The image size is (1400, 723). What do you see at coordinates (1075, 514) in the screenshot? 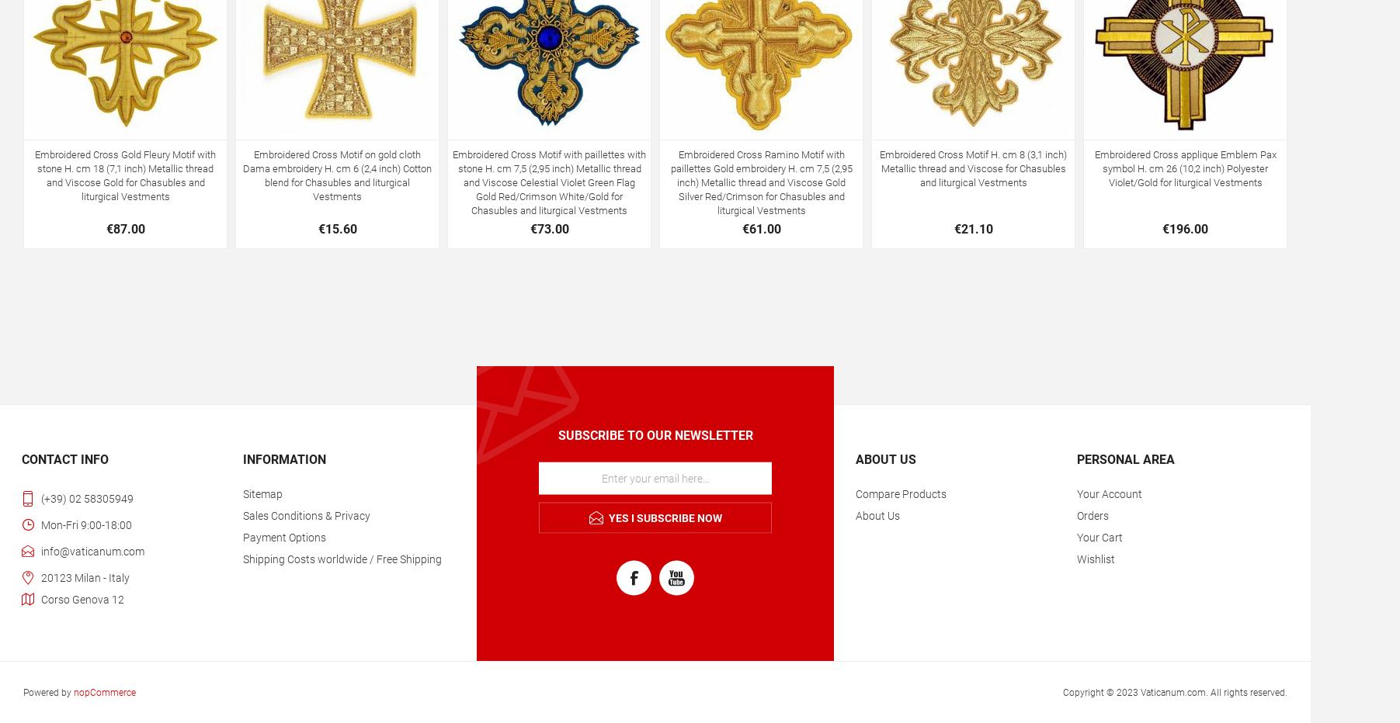
I see `'Orders'` at bounding box center [1075, 514].